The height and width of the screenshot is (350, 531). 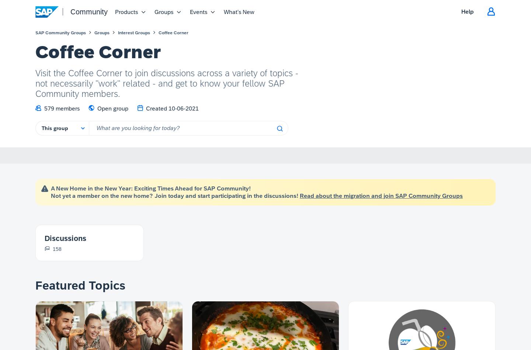 I want to click on 'Not yet a member on the new home? Join today and start participating in the discussions!', so click(x=175, y=196).